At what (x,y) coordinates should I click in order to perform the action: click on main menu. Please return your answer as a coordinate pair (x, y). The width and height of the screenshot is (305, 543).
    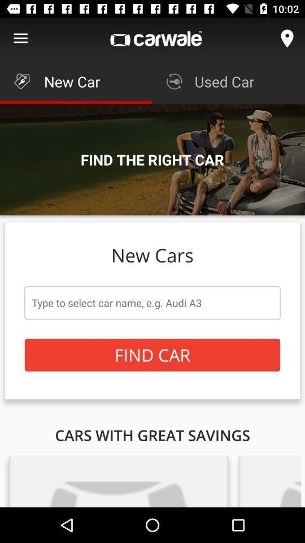
    Looking at the image, I should click on (20, 38).